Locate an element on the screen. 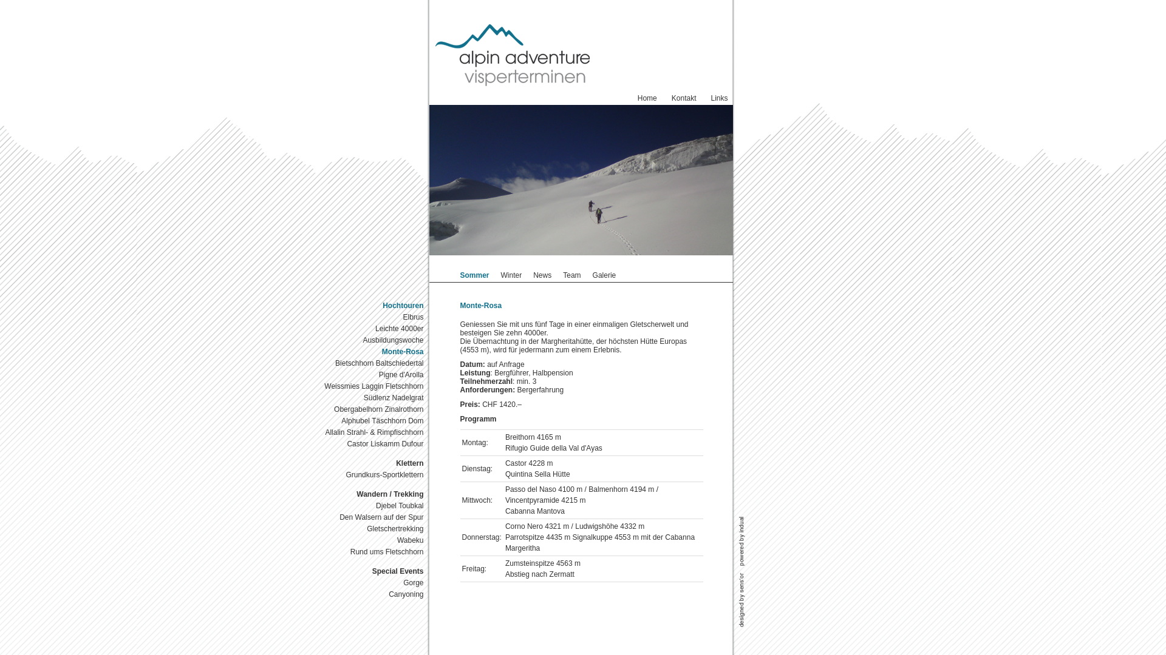 This screenshot has width=1166, height=655. 'Team' is located at coordinates (571, 275).